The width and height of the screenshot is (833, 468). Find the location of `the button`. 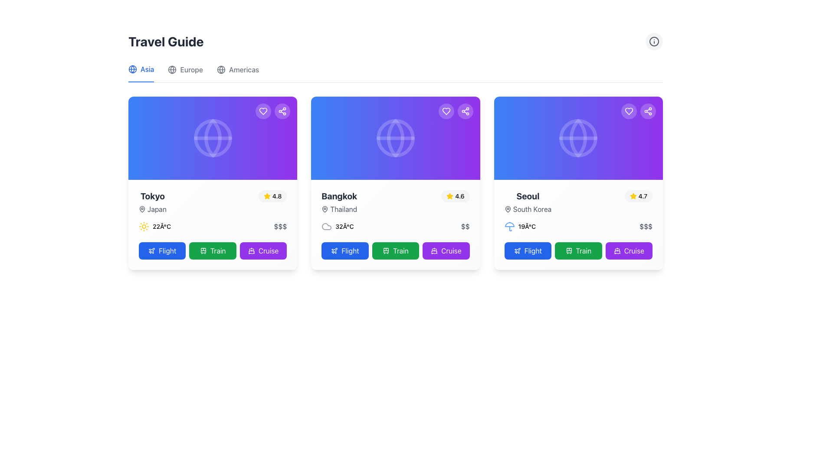

the button is located at coordinates (578, 250).